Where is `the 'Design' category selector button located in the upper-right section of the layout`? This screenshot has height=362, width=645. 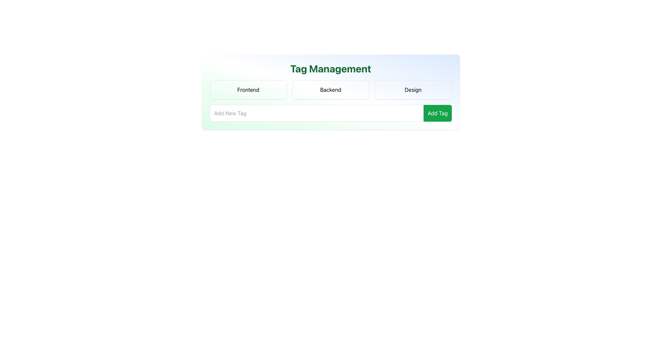
the 'Design' category selector button located in the upper-right section of the layout is located at coordinates (413, 89).